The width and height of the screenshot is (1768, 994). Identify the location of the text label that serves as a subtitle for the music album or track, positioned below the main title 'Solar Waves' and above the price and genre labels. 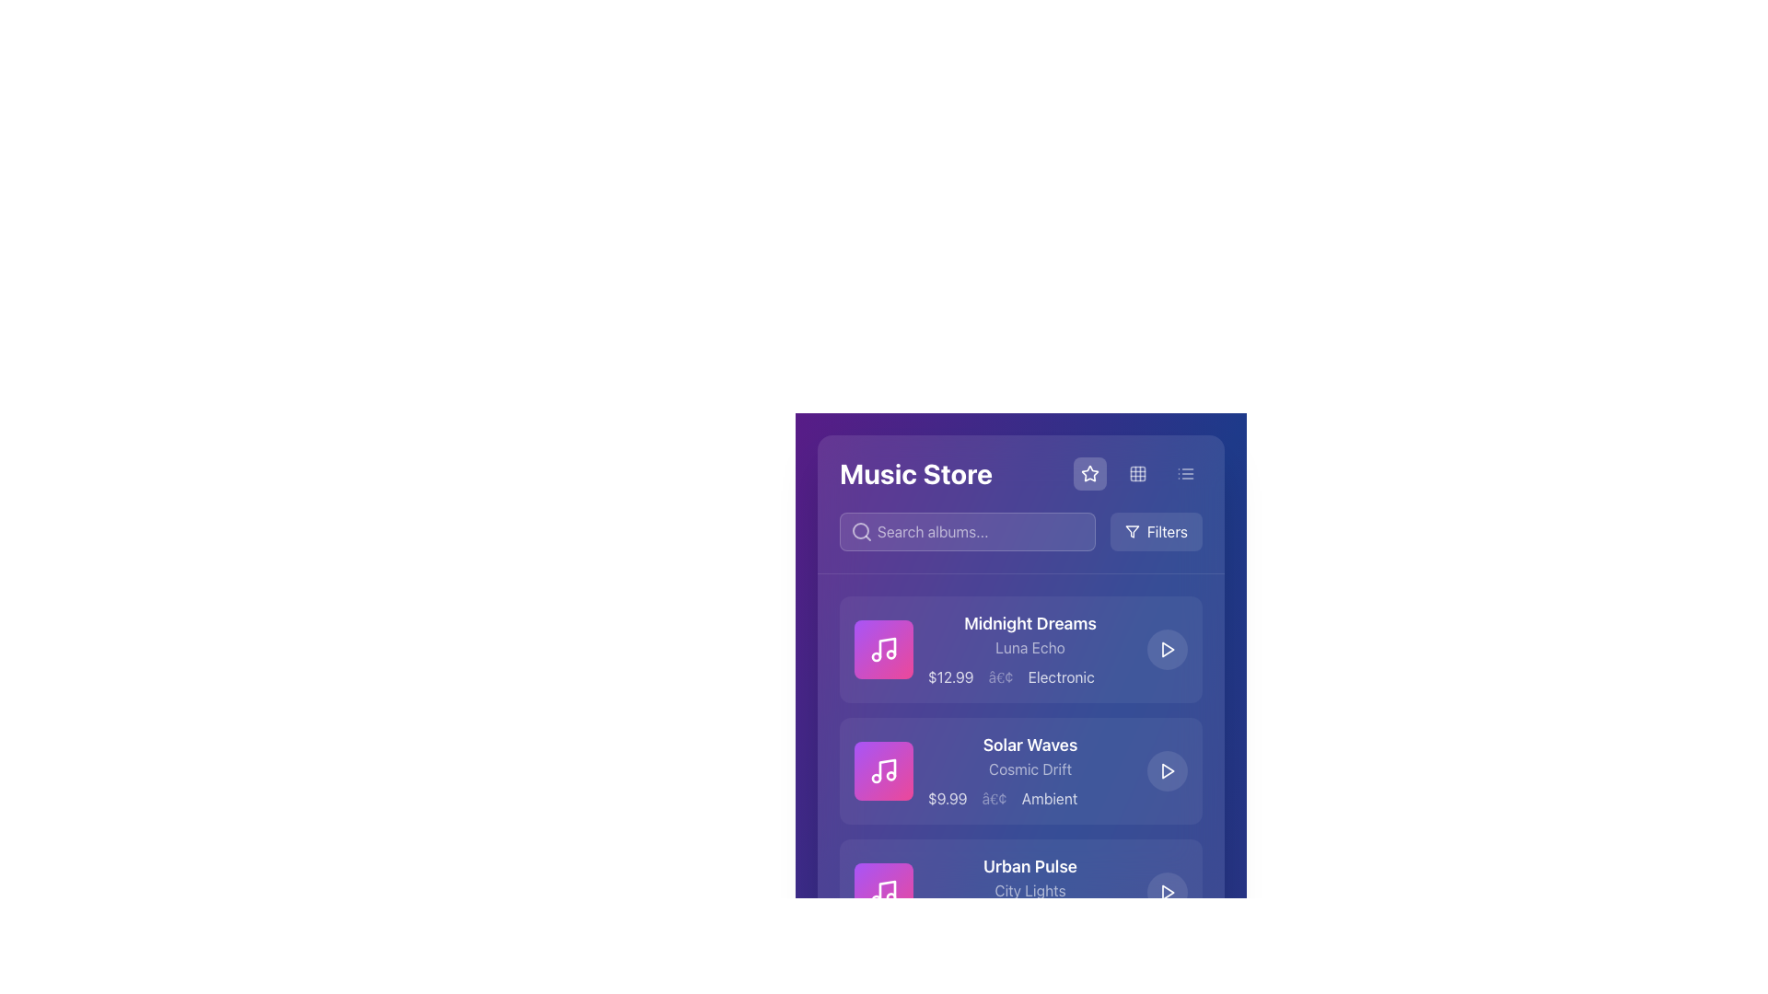
(1029, 769).